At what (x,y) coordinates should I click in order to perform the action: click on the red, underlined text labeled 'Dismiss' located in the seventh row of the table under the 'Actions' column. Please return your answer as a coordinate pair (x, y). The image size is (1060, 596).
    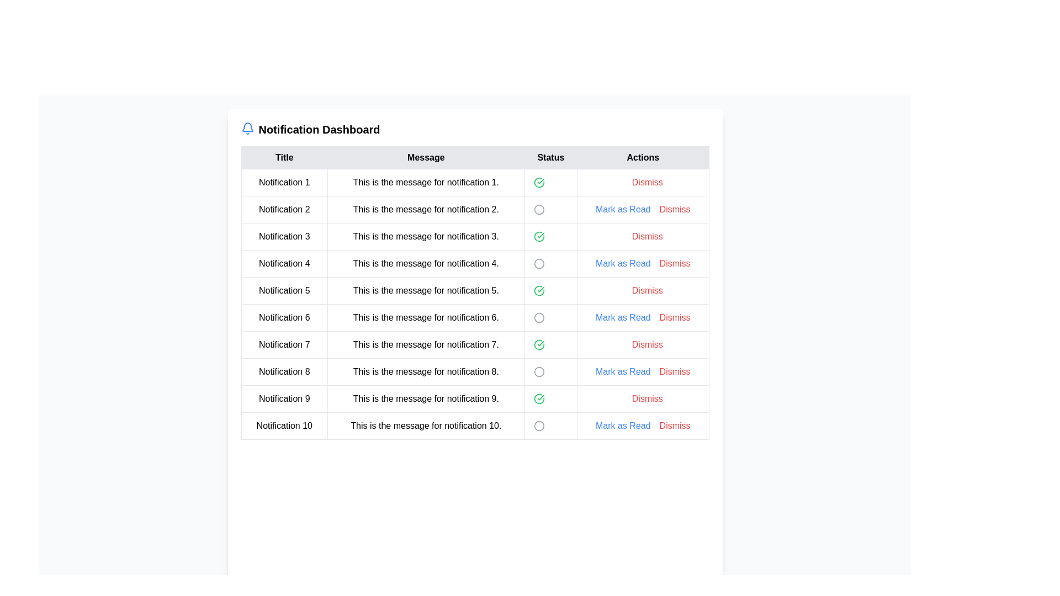
    Looking at the image, I should click on (647, 344).